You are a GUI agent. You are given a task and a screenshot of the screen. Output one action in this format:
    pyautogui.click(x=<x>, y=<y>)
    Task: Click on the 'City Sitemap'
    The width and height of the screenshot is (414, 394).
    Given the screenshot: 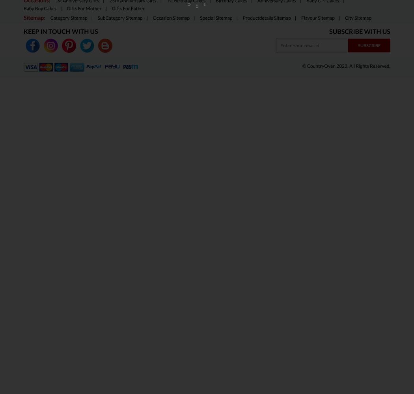 What is the action you would take?
    pyautogui.click(x=358, y=18)
    